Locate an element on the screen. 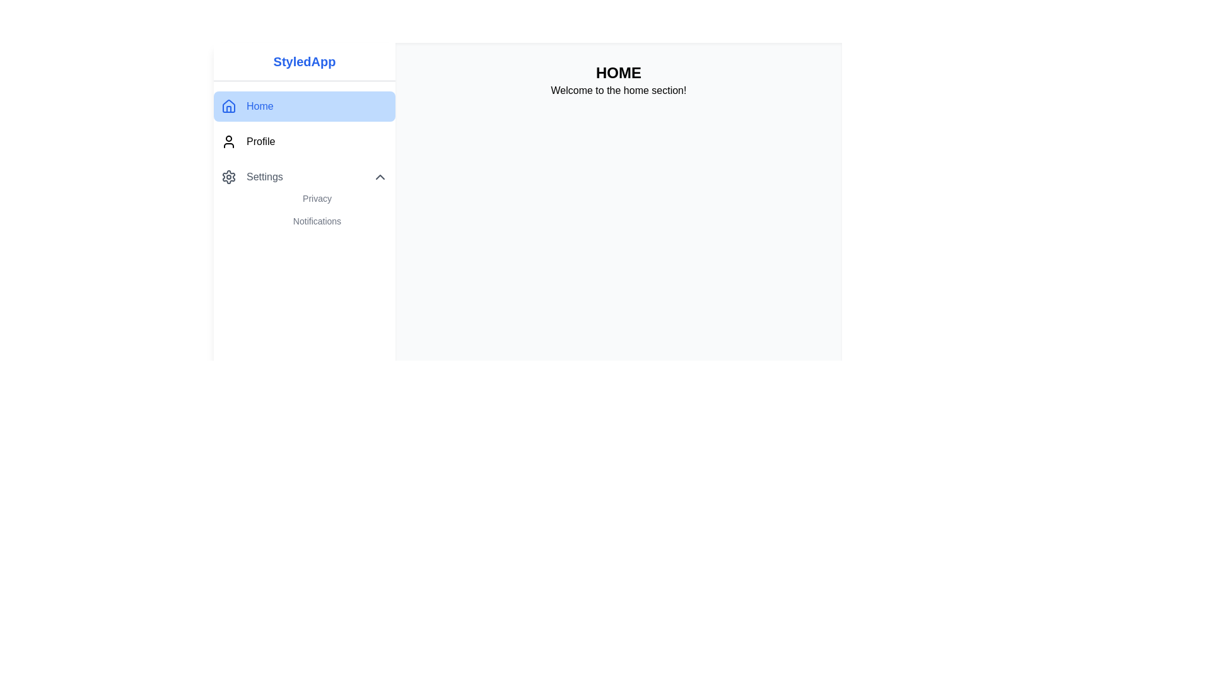  text content of the branding label located at the top-left corner of the vertical navigation menu is located at coordinates (305, 62).